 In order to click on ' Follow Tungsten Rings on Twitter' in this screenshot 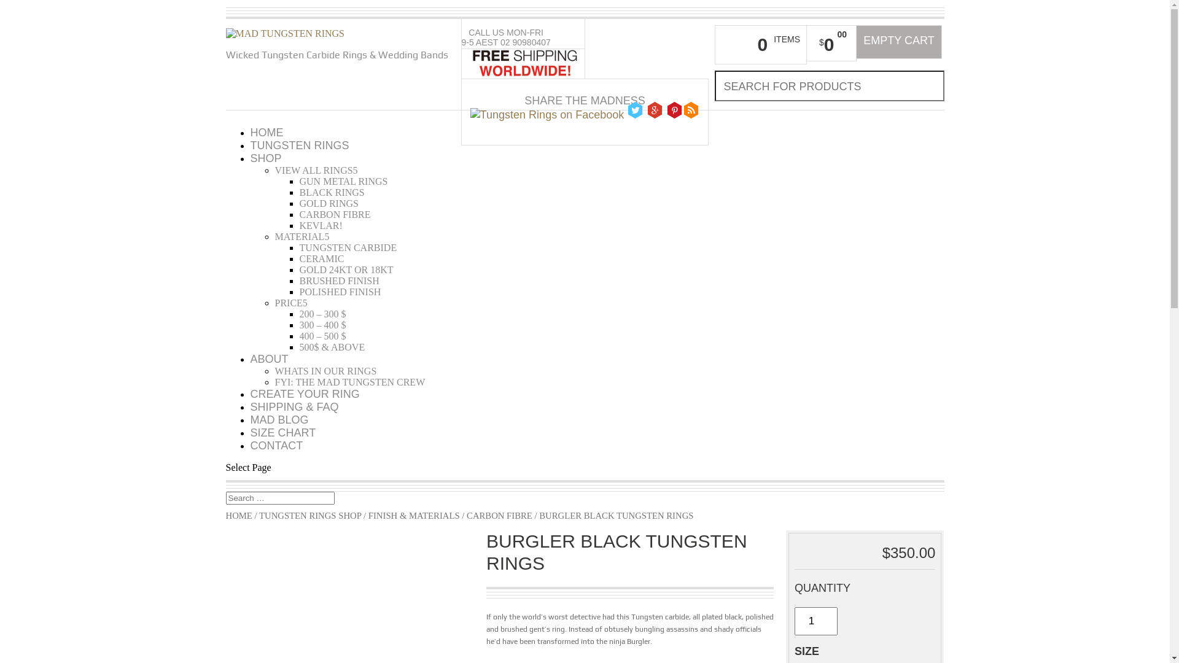, I will do `click(635, 109)`.